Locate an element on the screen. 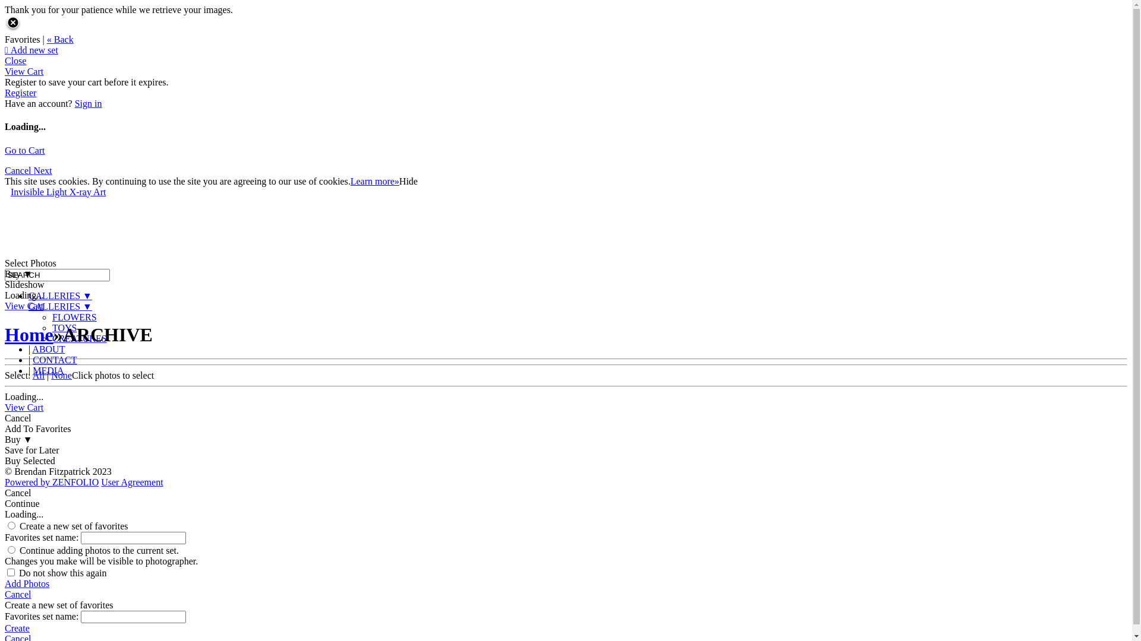 This screenshot has height=641, width=1141. 'Go to Cart' is located at coordinates (25, 150).